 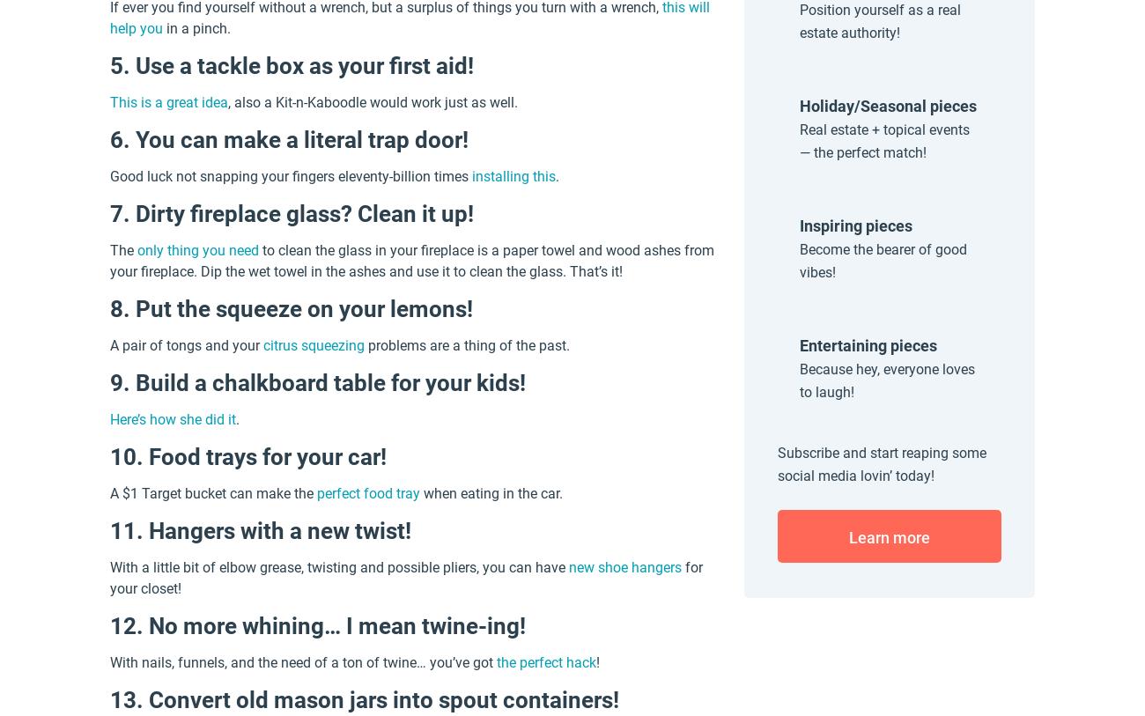 What do you see at coordinates (339, 567) in the screenshot?
I see `'With a little bit of elbow grease, twisting and possible pliers, you can have'` at bounding box center [339, 567].